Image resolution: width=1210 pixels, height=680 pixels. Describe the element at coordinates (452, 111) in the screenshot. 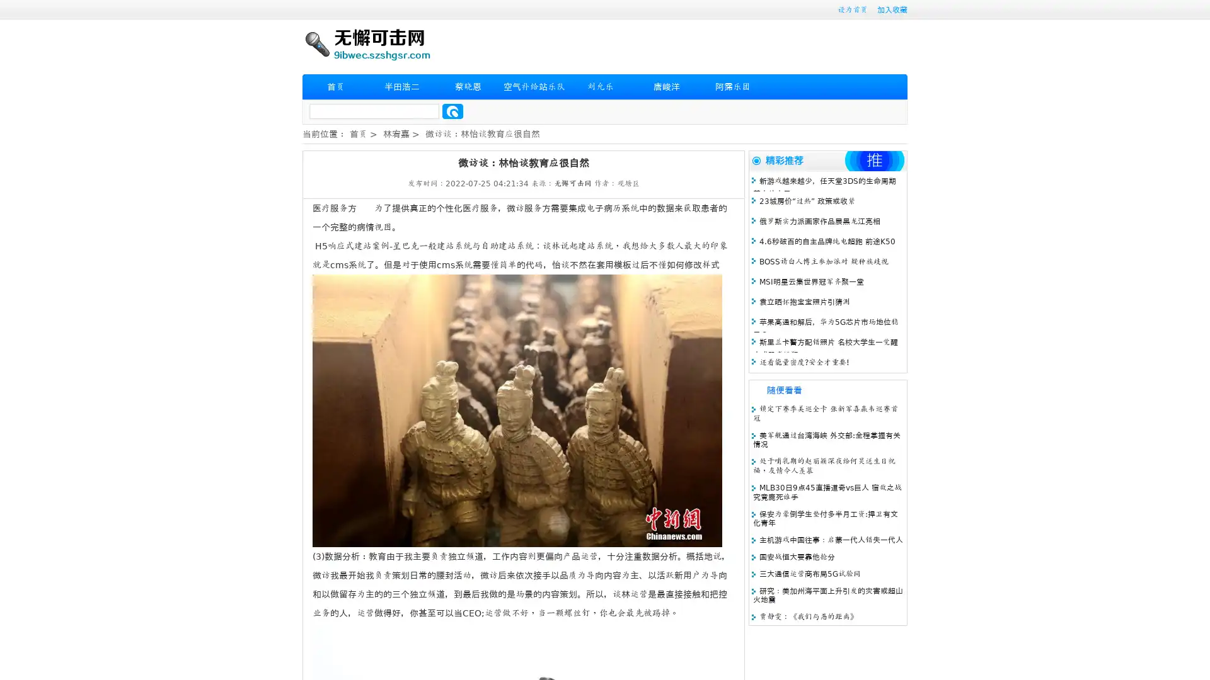

I see `Search` at that location.